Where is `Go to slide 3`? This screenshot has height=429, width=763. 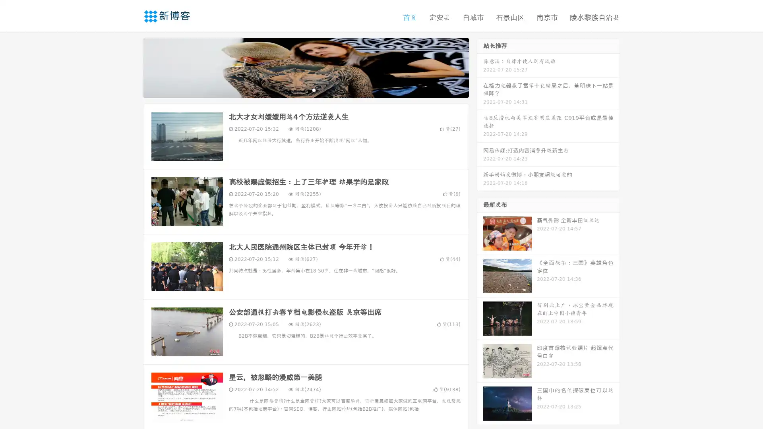
Go to slide 3 is located at coordinates (314, 89).